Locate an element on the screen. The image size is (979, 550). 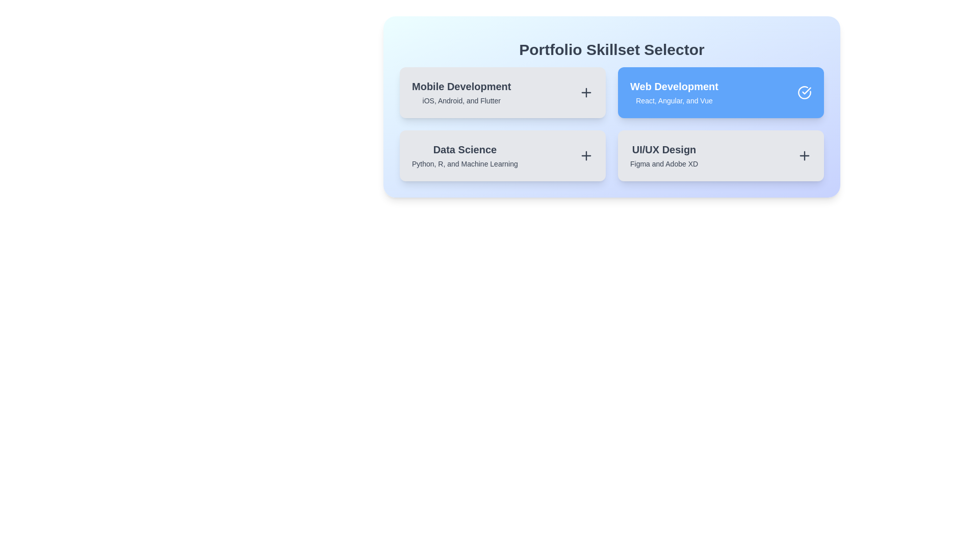
the chip labeled Web Development is located at coordinates (720, 92).